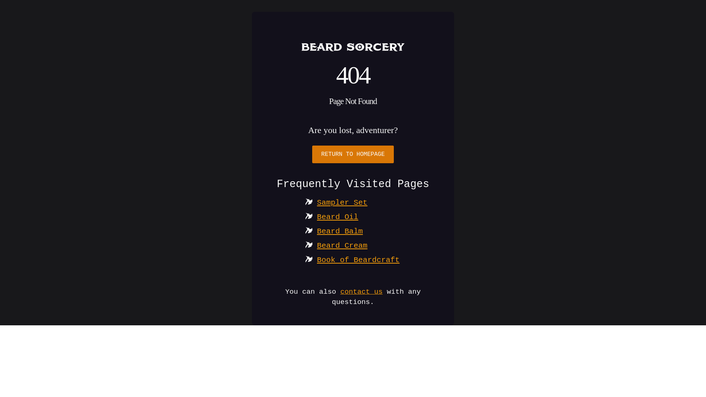 This screenshot has height=397, width=706. I want to click on 'RETURN TO HOMEPAGE', so click(353, 154).